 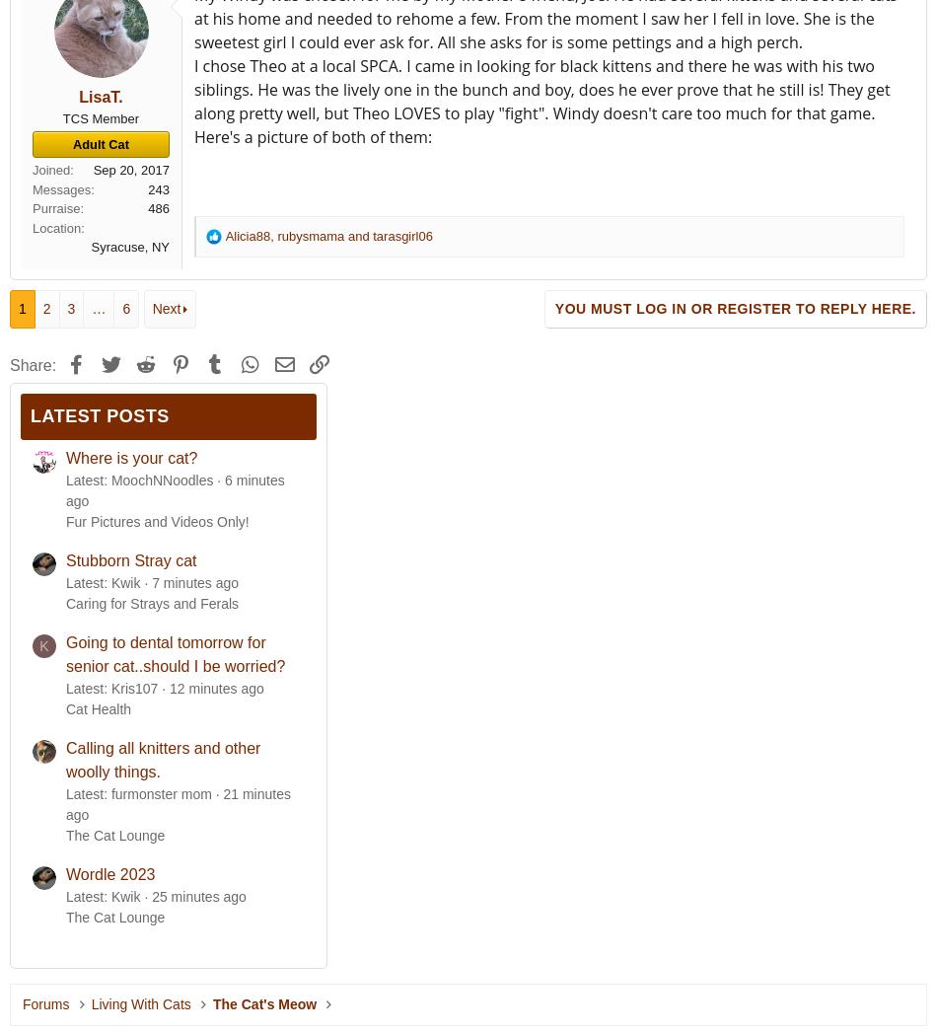 What do you see at coordinates (175, 488) in the screenshot?
I see `'6 minutes ago'` at bounding box center [175, 488].